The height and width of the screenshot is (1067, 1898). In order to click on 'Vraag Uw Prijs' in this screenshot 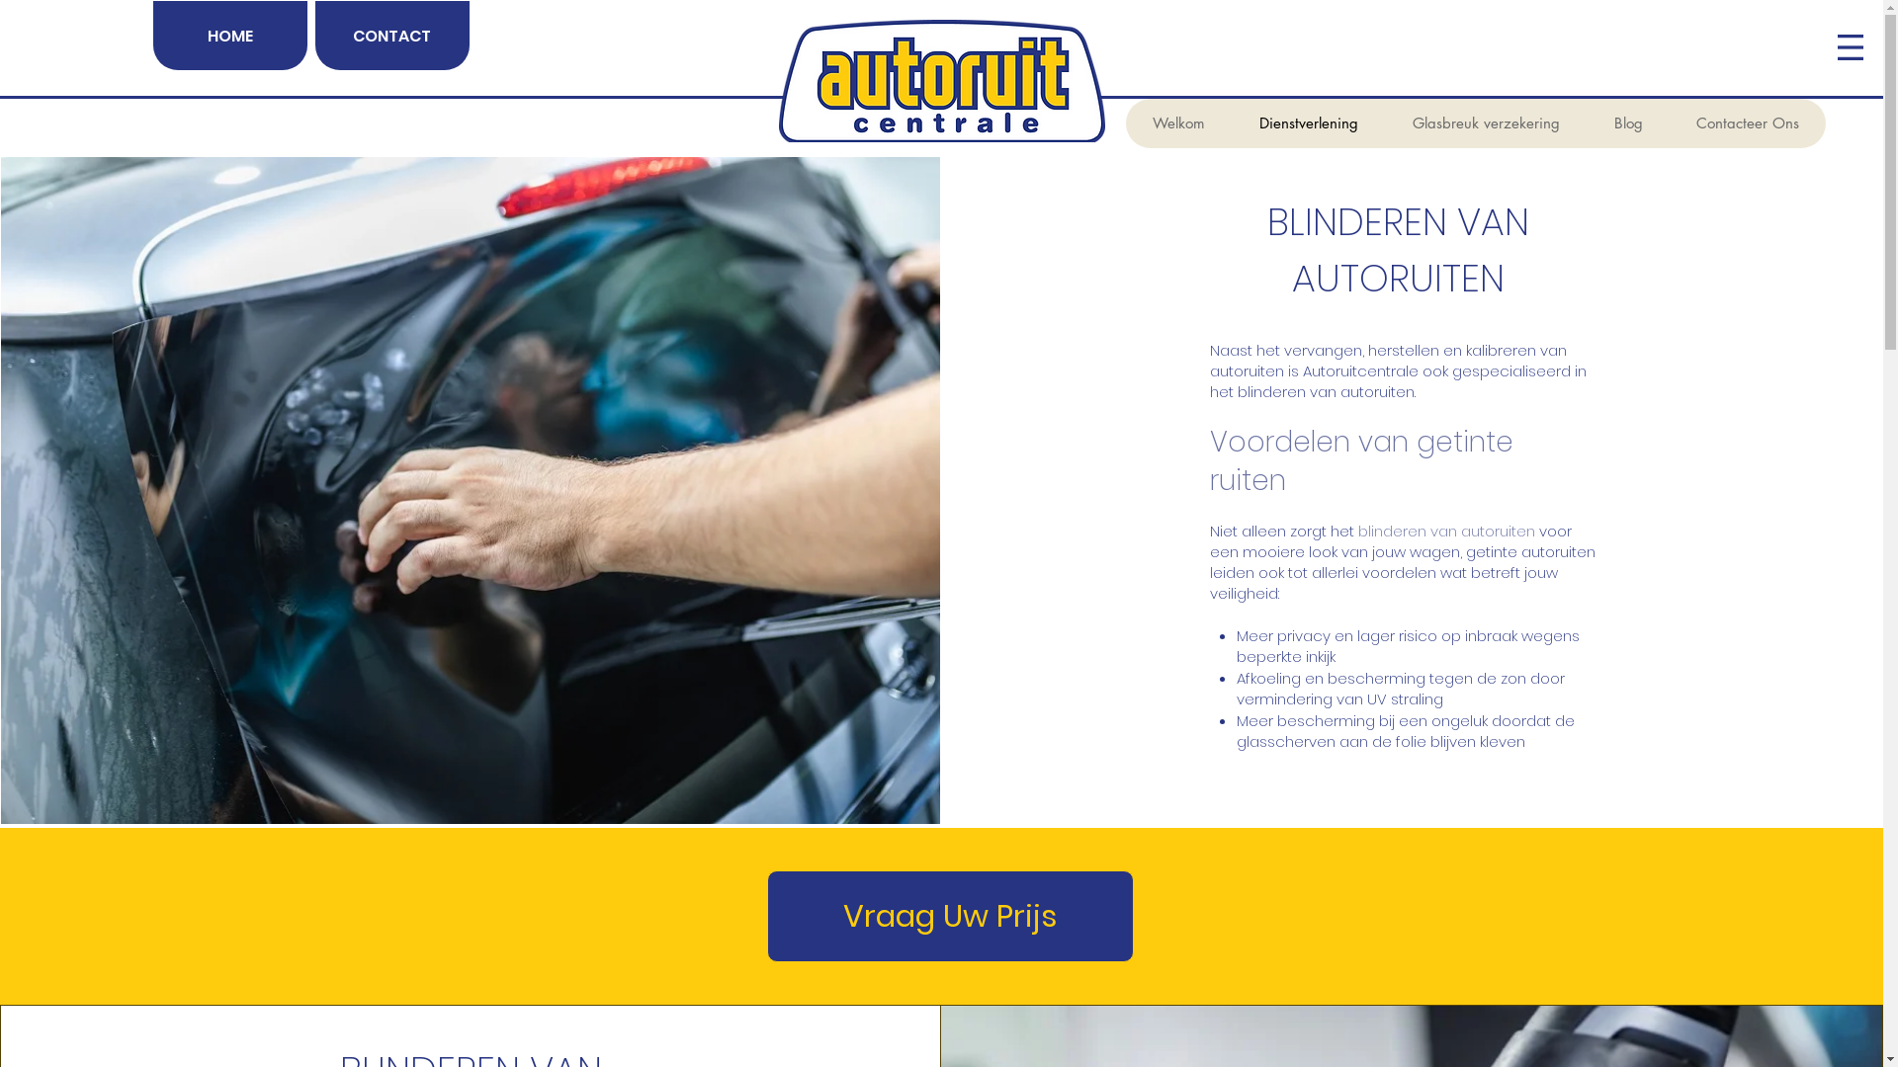, I will do `click(950, 916)`.